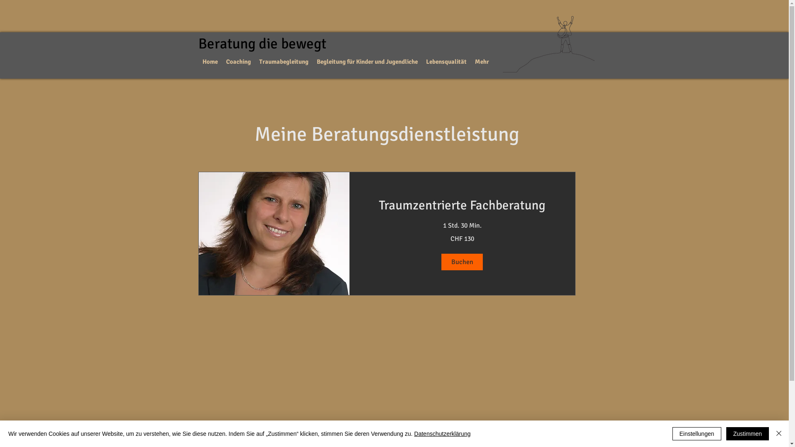 This screenshot has width=795, height=447. Describe the element at coordinates (696, 433) in the screenshot. I see `'Einstellungen'` at that location.